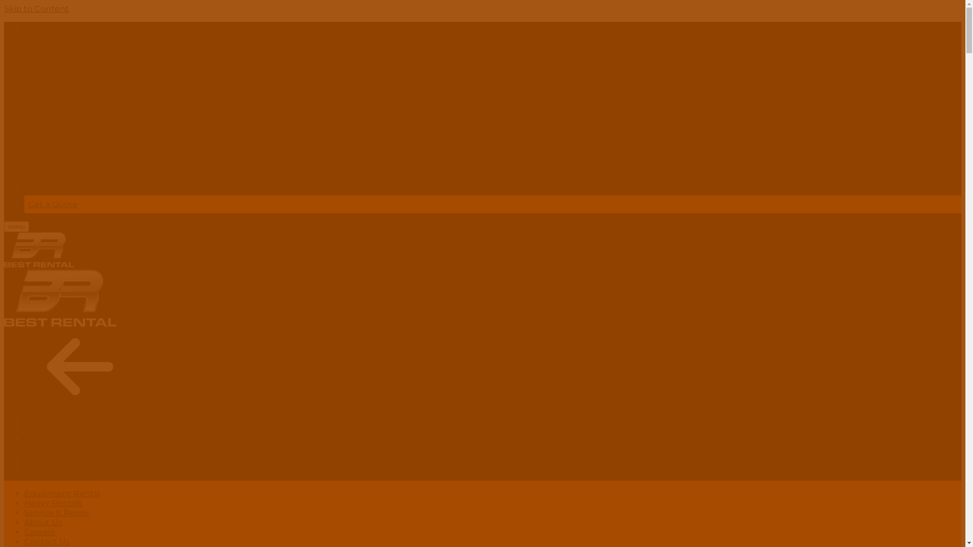 This screenshot has height=547, width=973. What do you see at coordinates (147, 190) in the screenshot?
I see `'Val Caron: 705-897-2501'` at bounding box center [147, 190].